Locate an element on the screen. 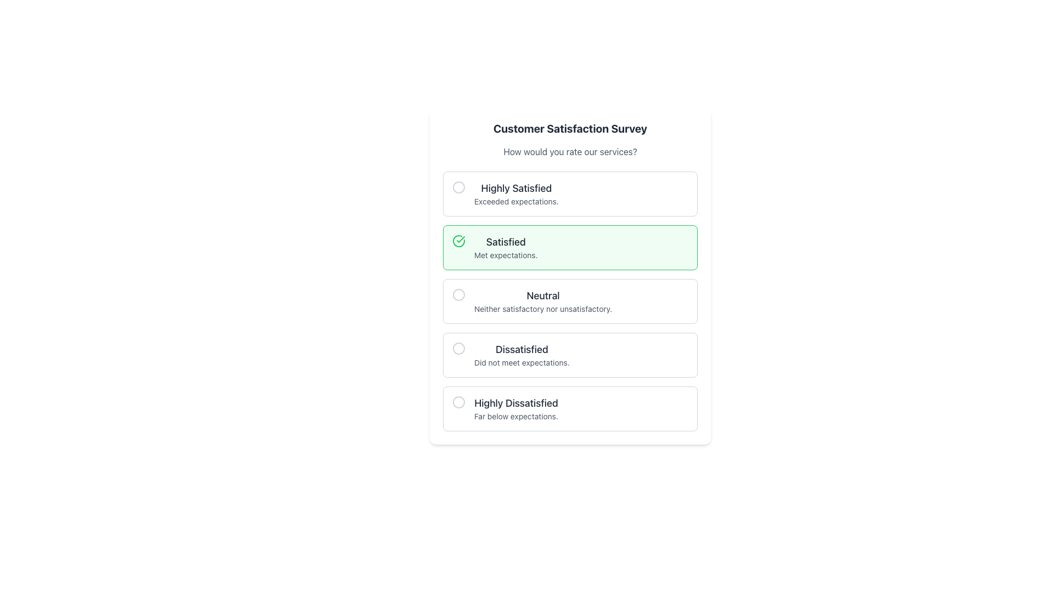  the text label displaying 'Satisfied', which is prominently styled in dark gray and is the primary label for the second option in the Customer Satisfaction Survey is located at coordinates (505, 242).